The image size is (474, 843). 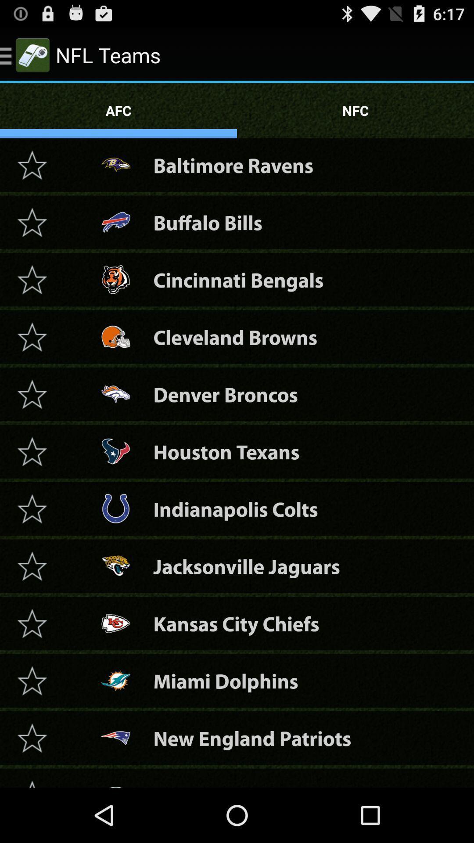 I want to click on the team, so click(x=32, y=738).